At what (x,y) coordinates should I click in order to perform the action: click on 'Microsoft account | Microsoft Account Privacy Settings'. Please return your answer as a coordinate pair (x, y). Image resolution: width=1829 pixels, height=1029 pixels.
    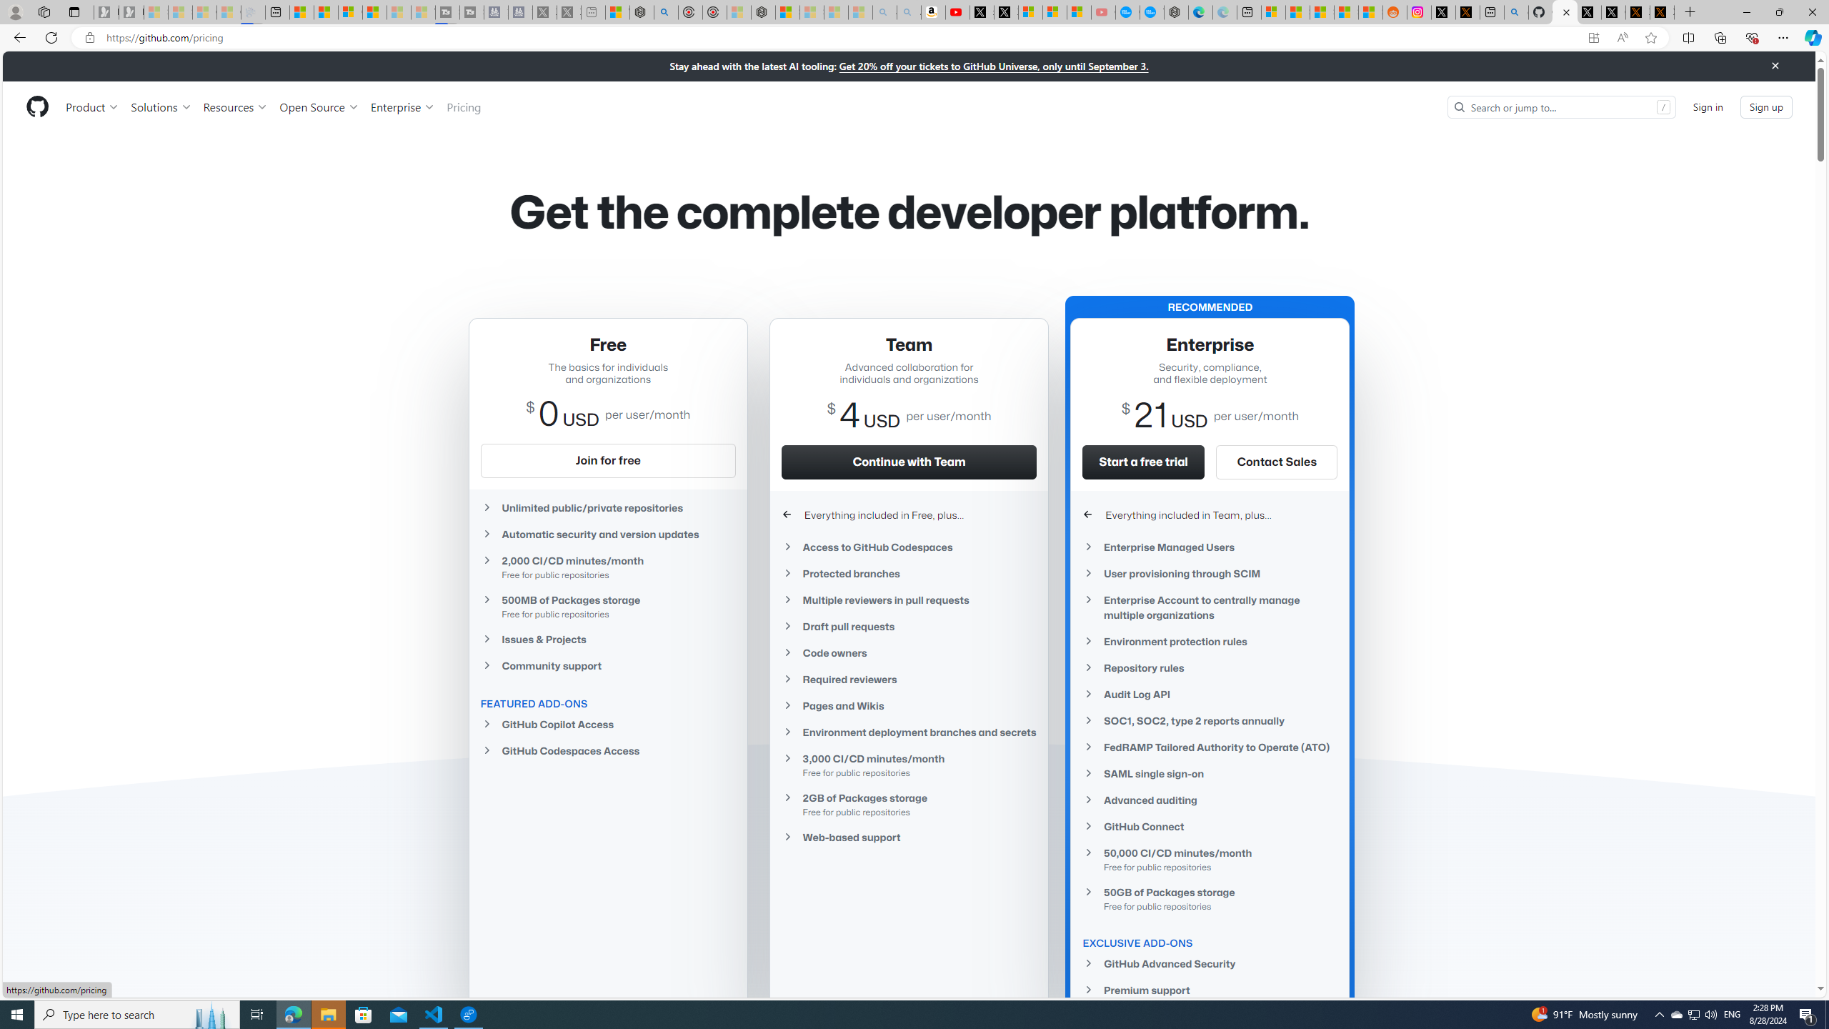
    Looking at the image, I should click on (1272, 11).